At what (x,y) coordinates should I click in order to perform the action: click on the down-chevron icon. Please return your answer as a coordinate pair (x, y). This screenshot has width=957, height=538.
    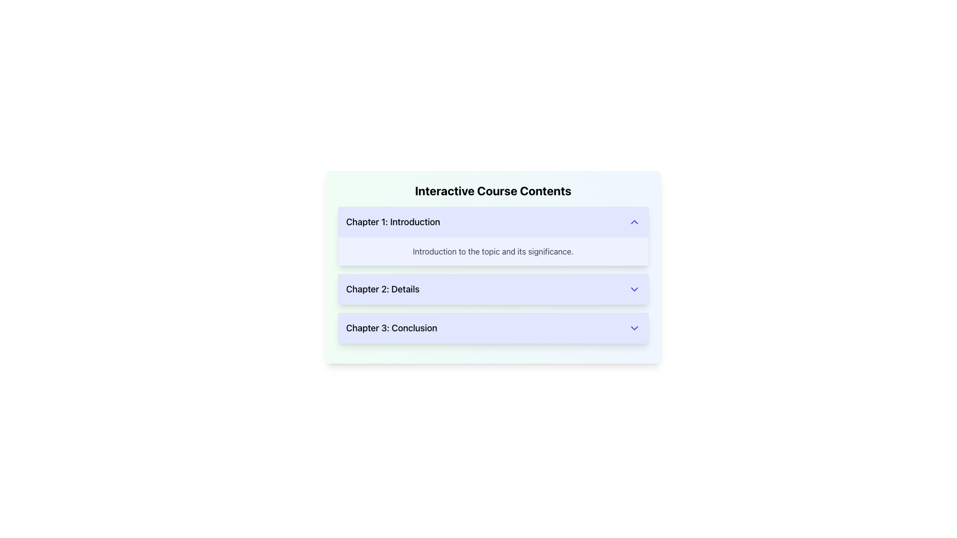
    Looking at the image, I should click on (634, 289).